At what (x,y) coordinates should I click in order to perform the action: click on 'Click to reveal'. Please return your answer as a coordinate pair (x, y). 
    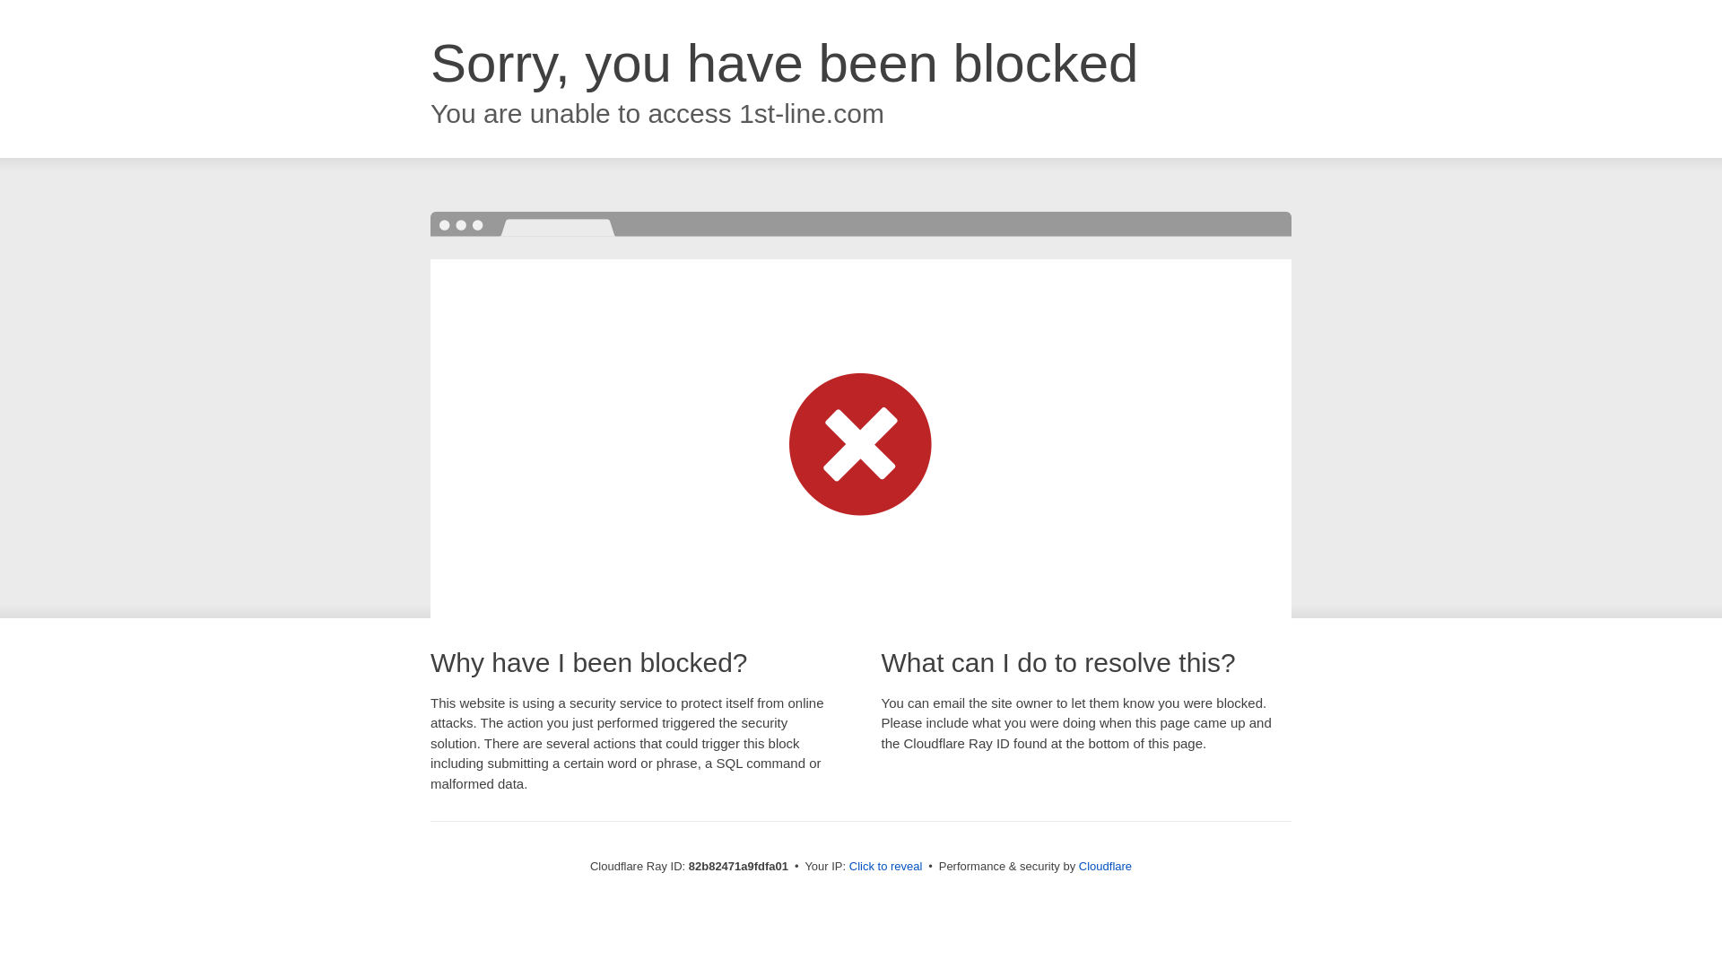
    Looking at the image, I should click on (886, 865).